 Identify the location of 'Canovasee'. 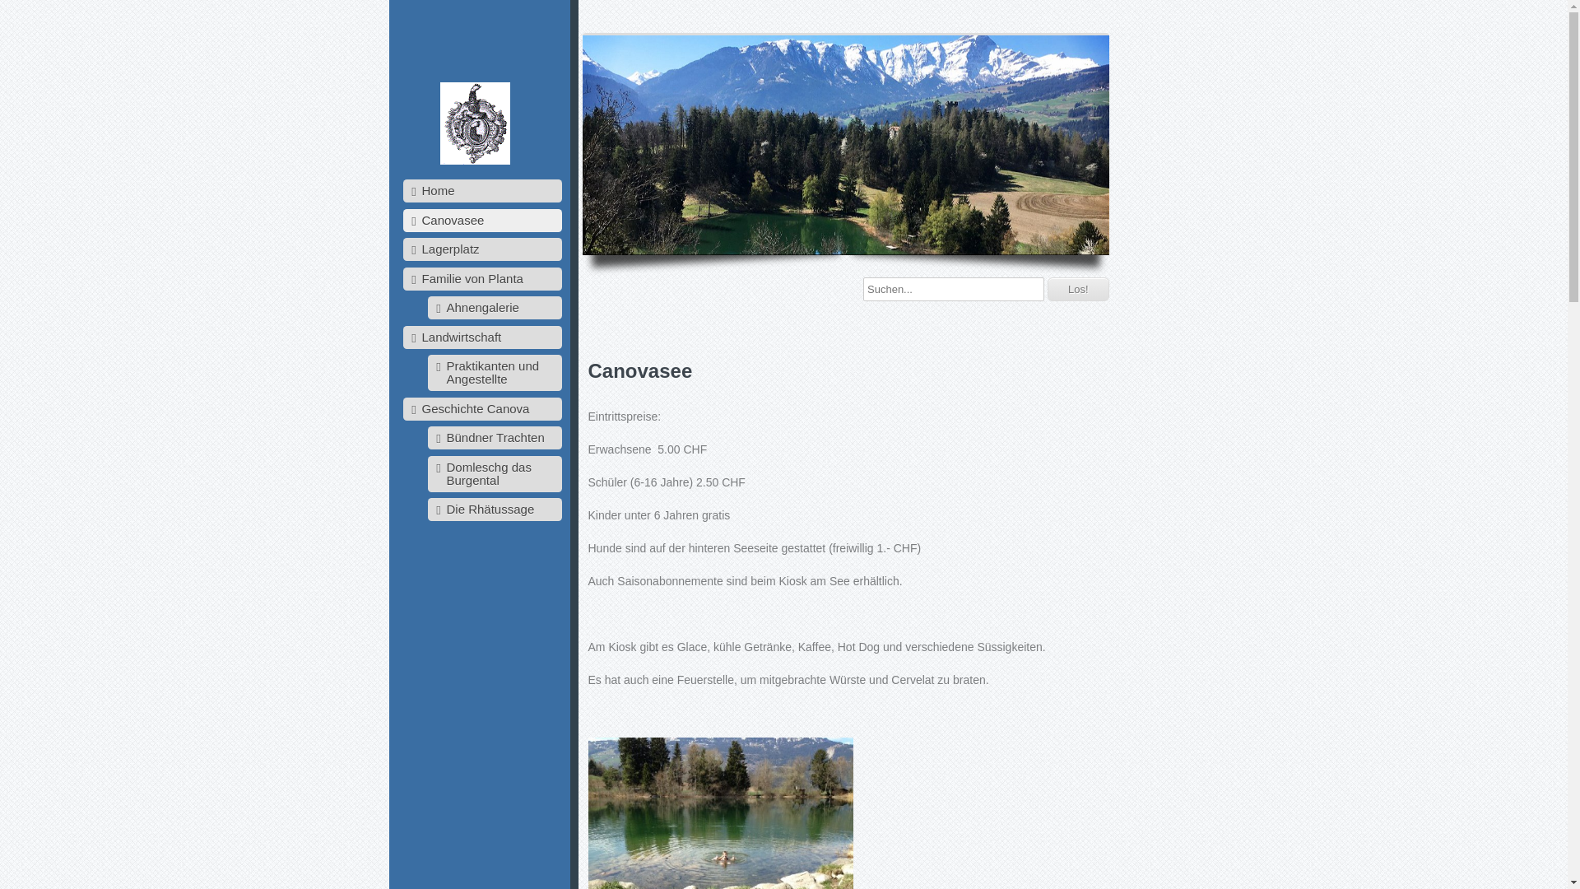
(481, 219).